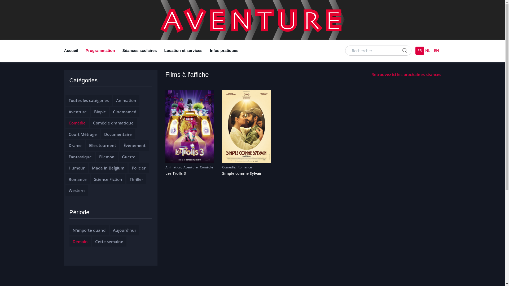 The height and width of the screenshot is (286, 509). What do you see at coordinates (117, 134) in the screenshot?
I see `'Documentaire'` at bounding box center [117, 134].